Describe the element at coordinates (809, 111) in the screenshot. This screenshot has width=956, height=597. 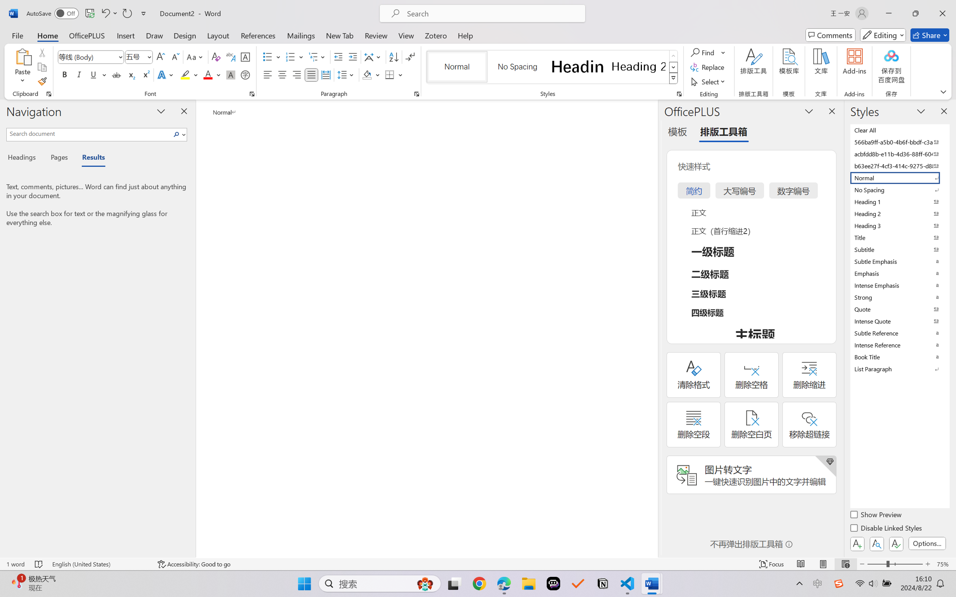
I see `'Task Pane Options'` at that location.